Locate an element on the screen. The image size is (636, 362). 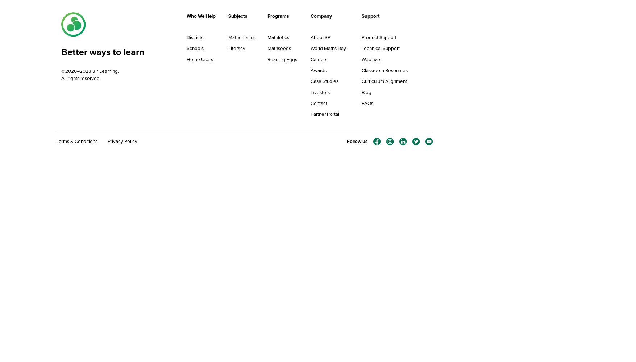
'Reading Eggs' is located at coordinates (282, 59).